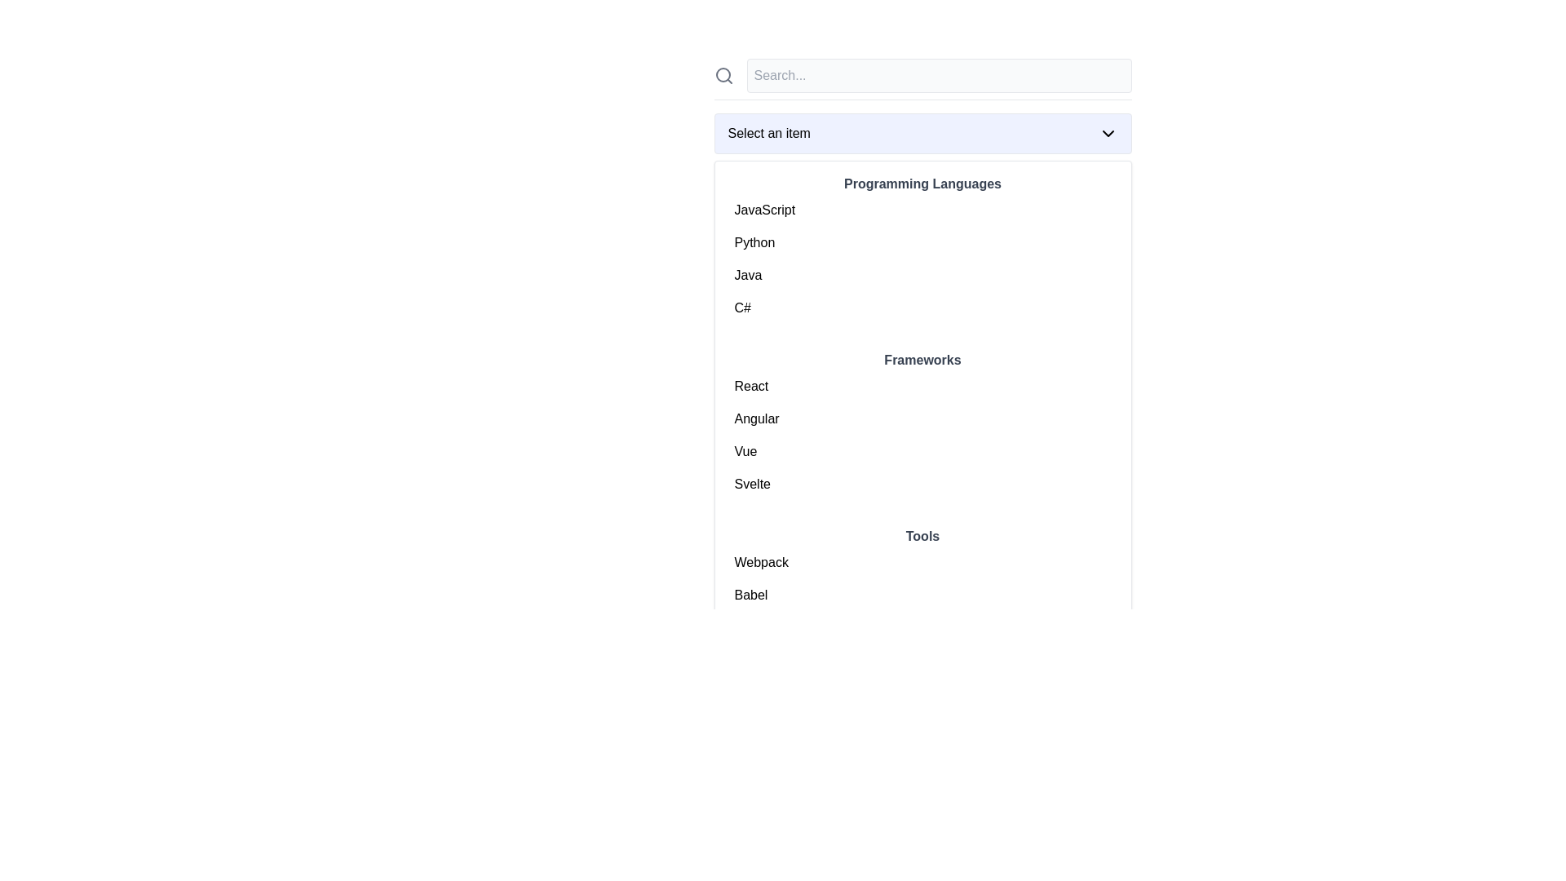 This screenshot has width=1566, height=881. What do you see at coordinates (1108, 133) in the screenshot?
I see `the chevron-down icon located at the far right of the 'Select an item' button` at bounding box center [1108, 133].